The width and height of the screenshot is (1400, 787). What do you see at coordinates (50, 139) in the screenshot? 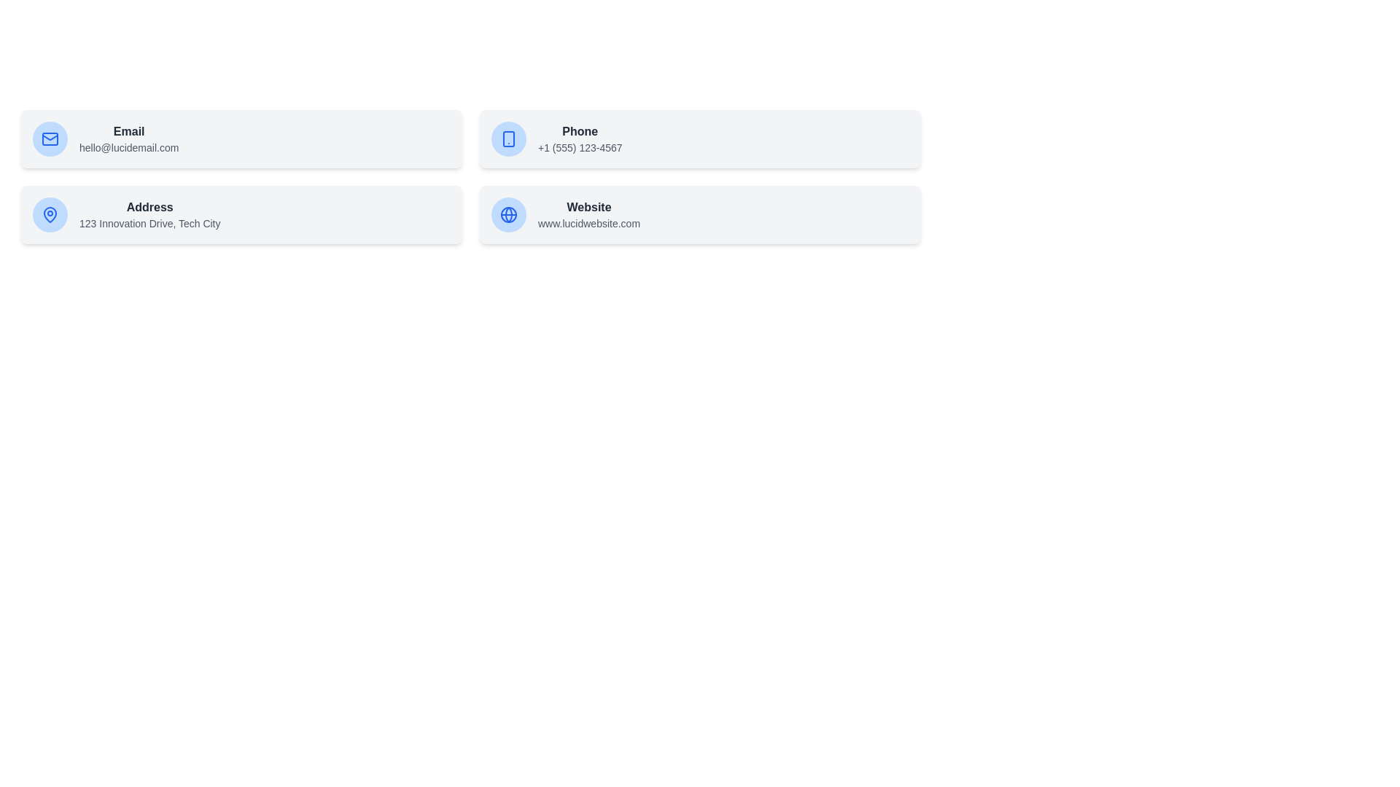
I see `the email icon located in the leftmost column of the contact information grid, which is associated with the 'Email' label and the email address 'hello@lucidemail.com'` at bounding box center [50, 139].